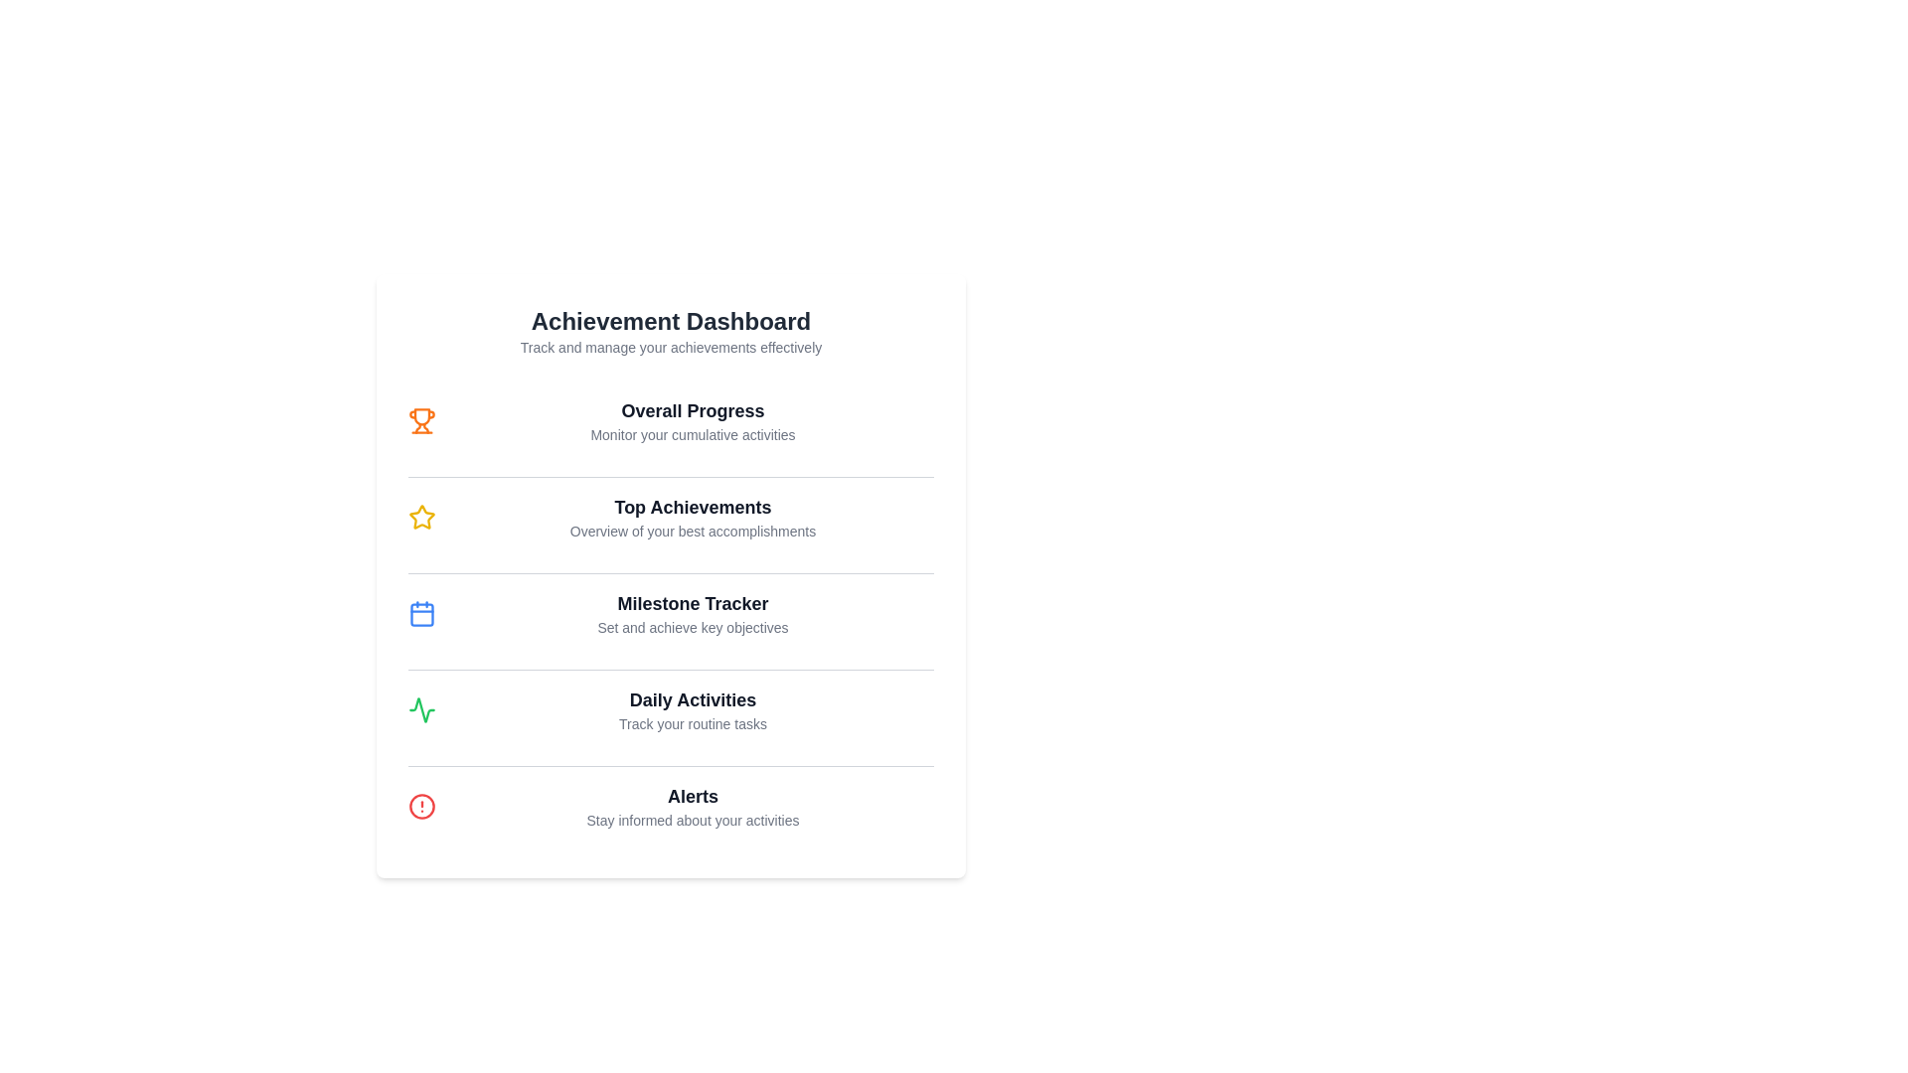 This screenshot has width=1908, height=1073. Describe the element at coordinates (693, 628) in the screenshot. I see `the static text label 'Set and achieve key objectives' which is positioned below the title 'Milestone Tracker'` at that location.